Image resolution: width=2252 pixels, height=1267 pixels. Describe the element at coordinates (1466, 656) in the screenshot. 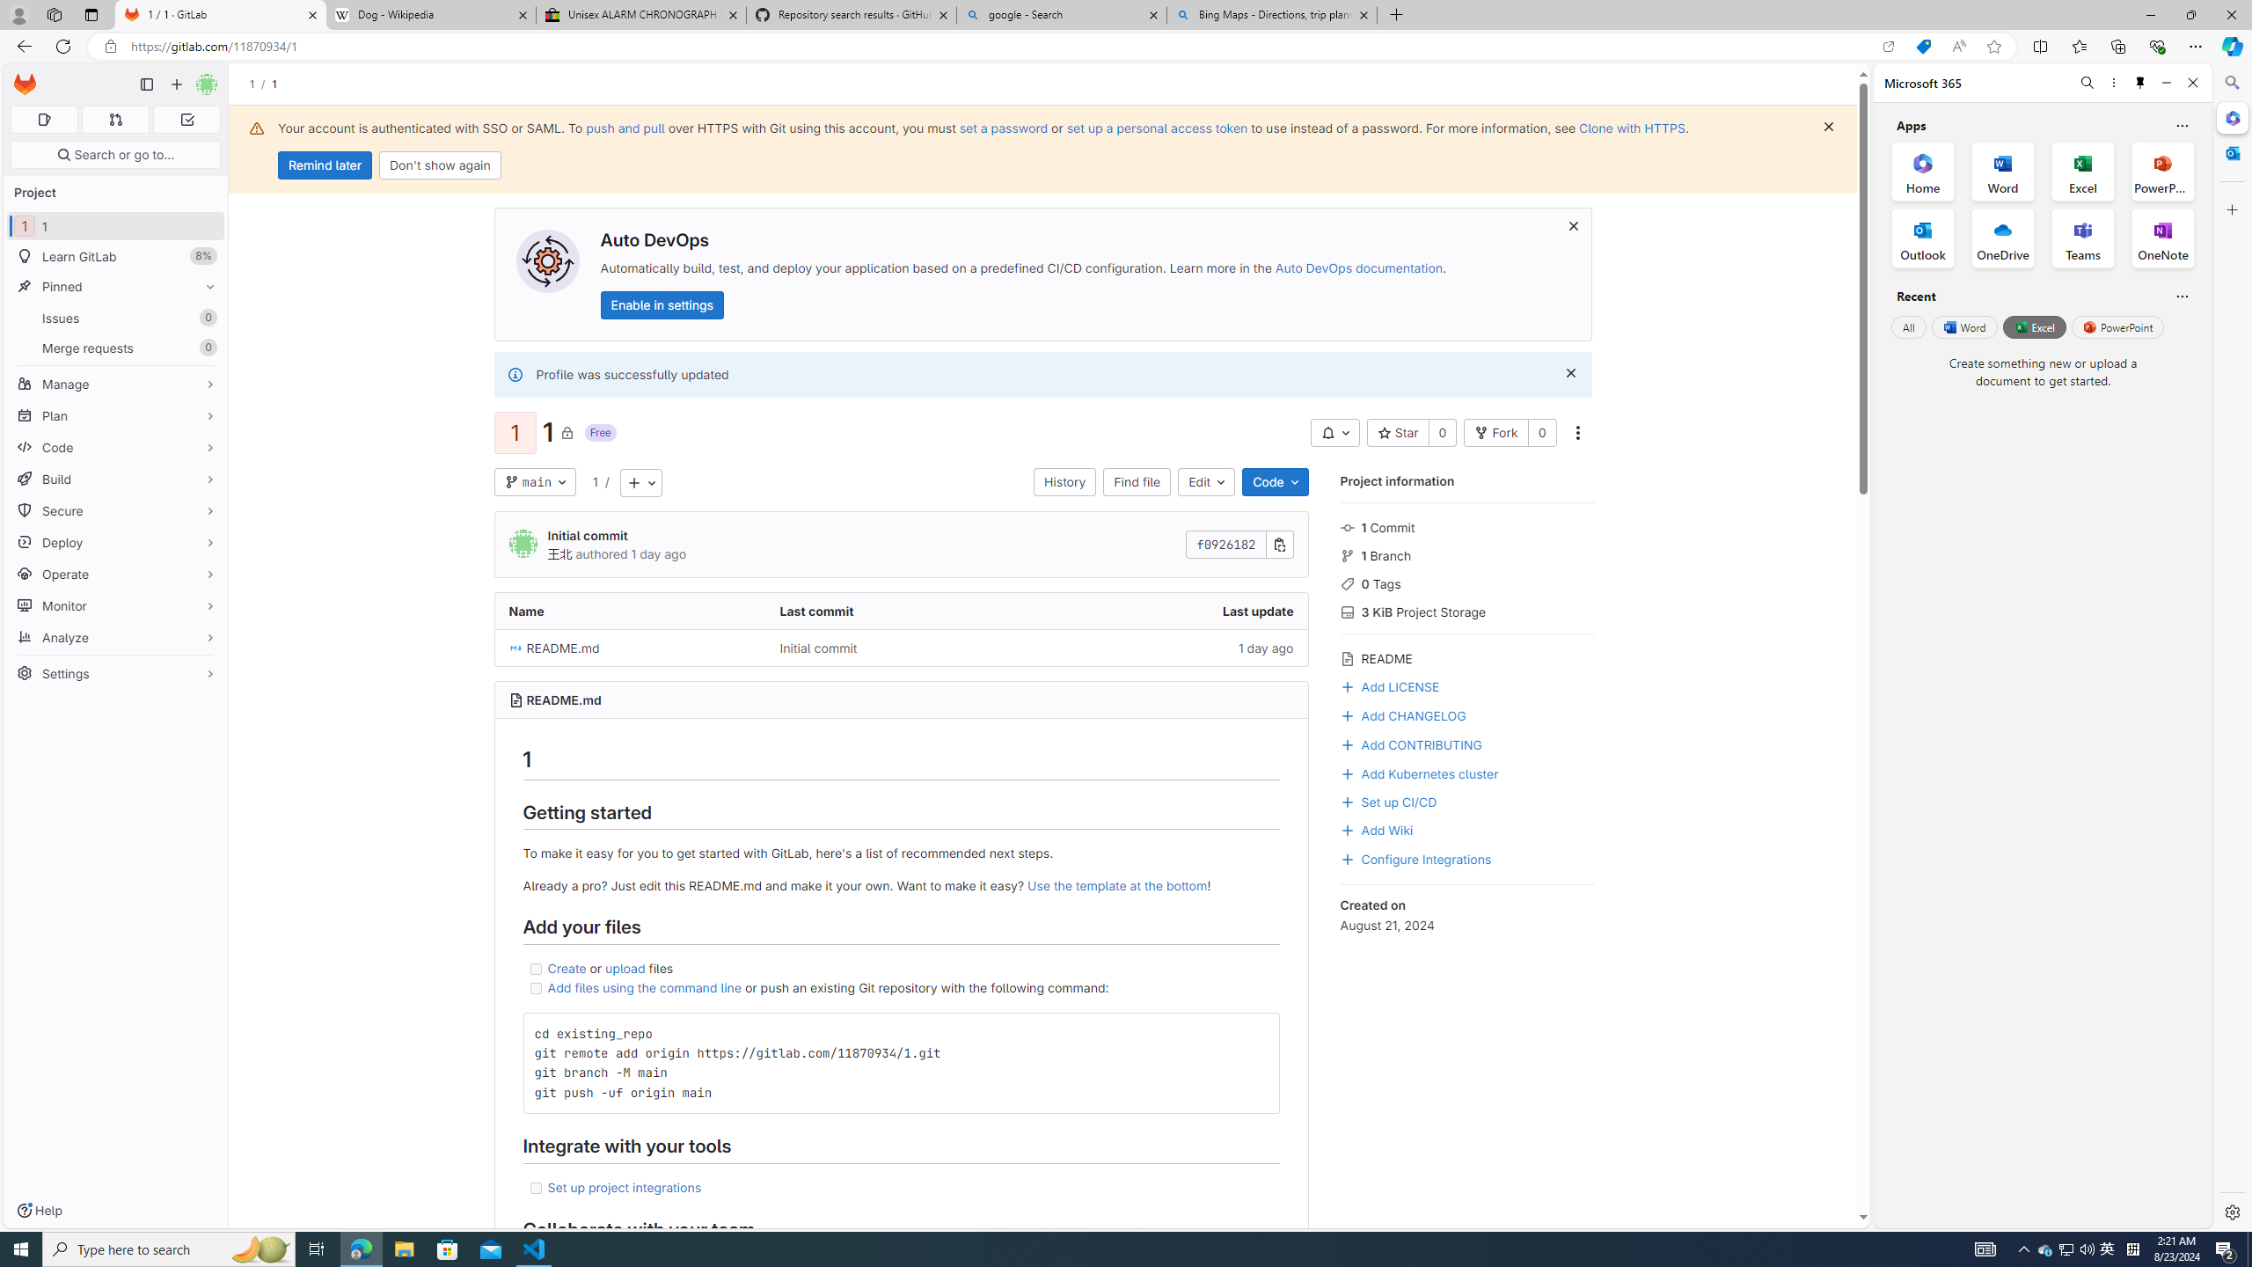

I see `'README'` at that location.